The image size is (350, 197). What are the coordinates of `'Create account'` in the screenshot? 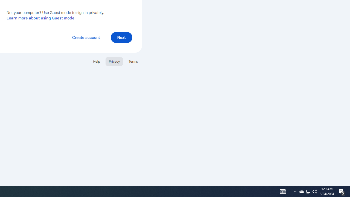 It's located at (86, 37).